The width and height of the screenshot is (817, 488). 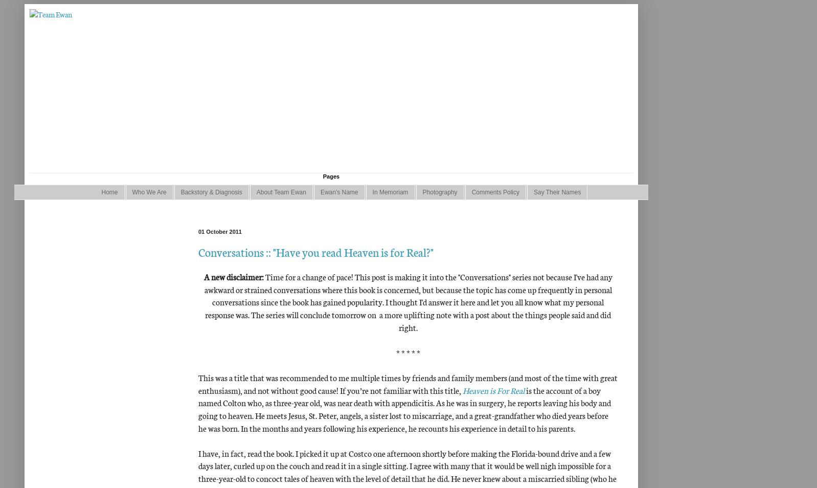 What do you see at coordinates (390, 192) in the screenshot?
I see `'In Memoriam'` at bounding box center [390, 192].